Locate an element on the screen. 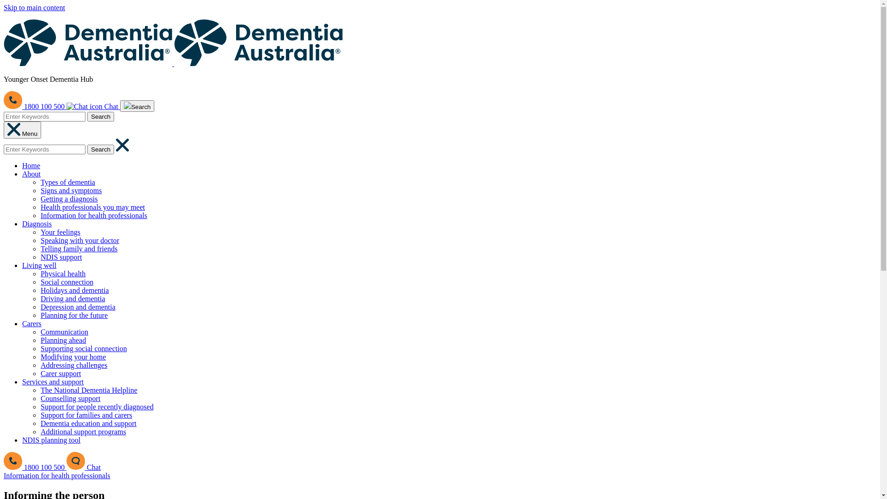 The image size is (887, 499). 'Support for families and carers' is located at coordinates (86, 414).